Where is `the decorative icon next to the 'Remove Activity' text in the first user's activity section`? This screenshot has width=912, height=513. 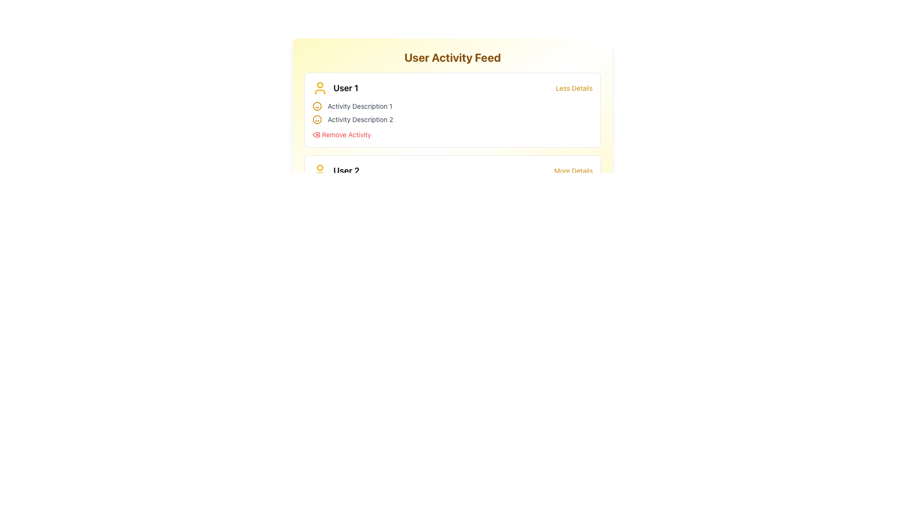
the decorative icon next to the 'Remove Activity' text in the first user's activity section is located at coordinates (316, 135).